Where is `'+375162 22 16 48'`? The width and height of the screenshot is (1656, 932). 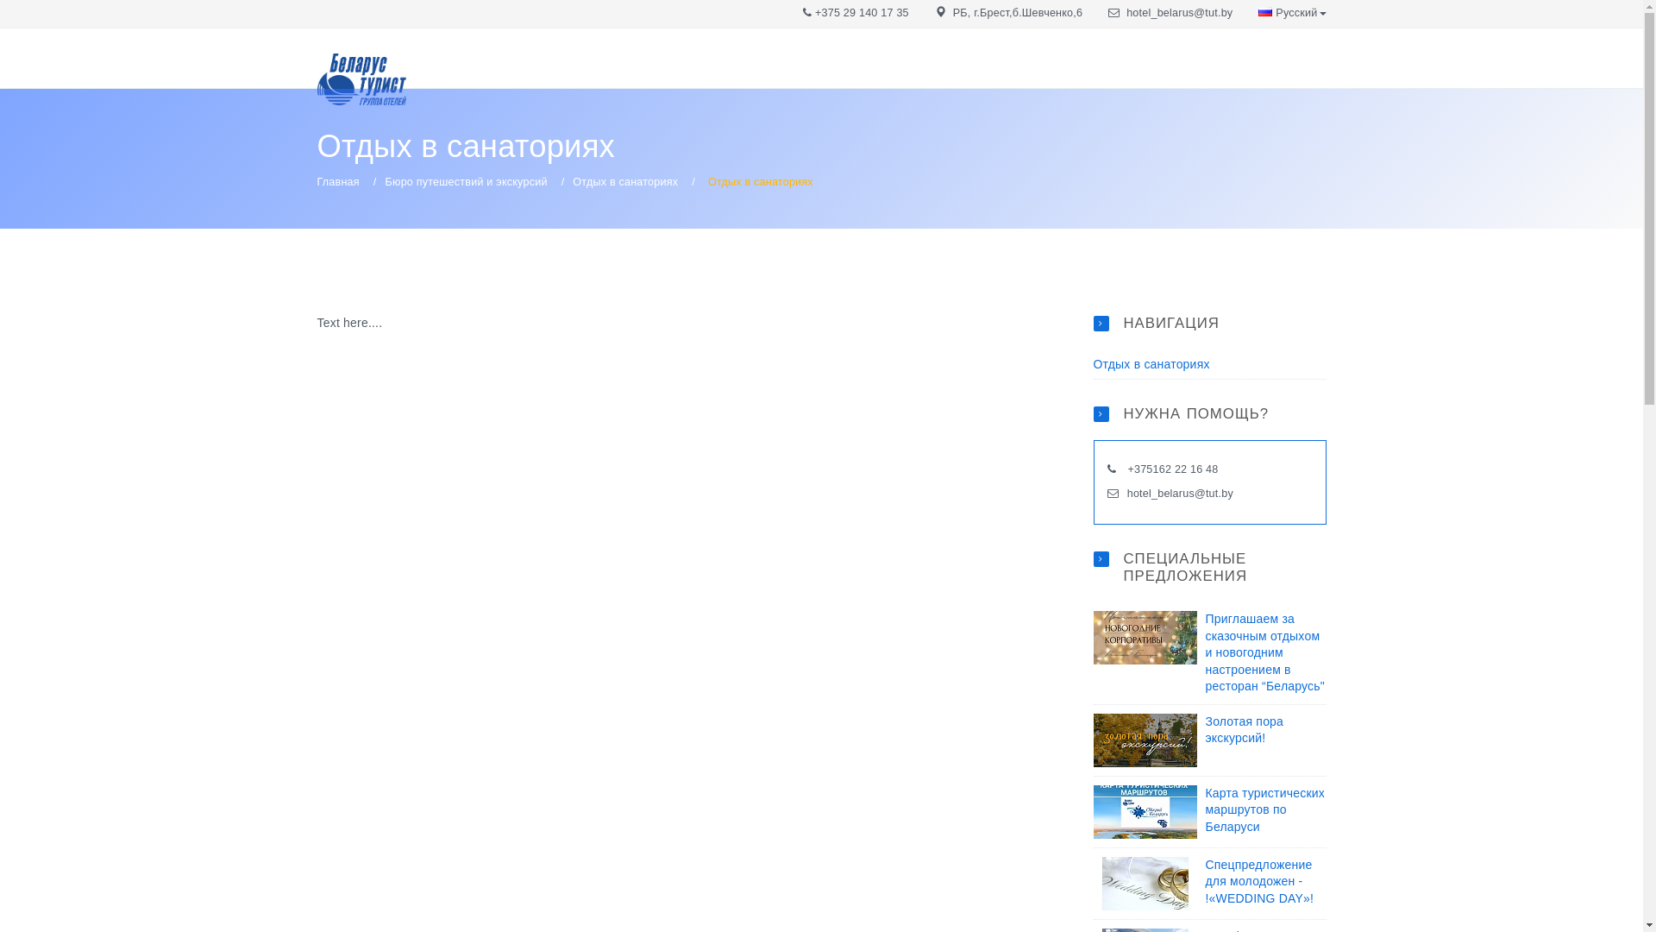
'+375162 22 16 48' is located at coordinates (1171, 469).